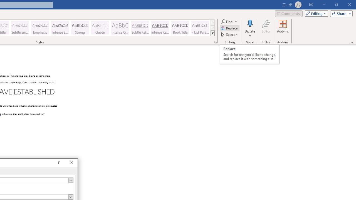 The image size is (356, 200). I want to click on 'Emphasis', so click(40, 28).